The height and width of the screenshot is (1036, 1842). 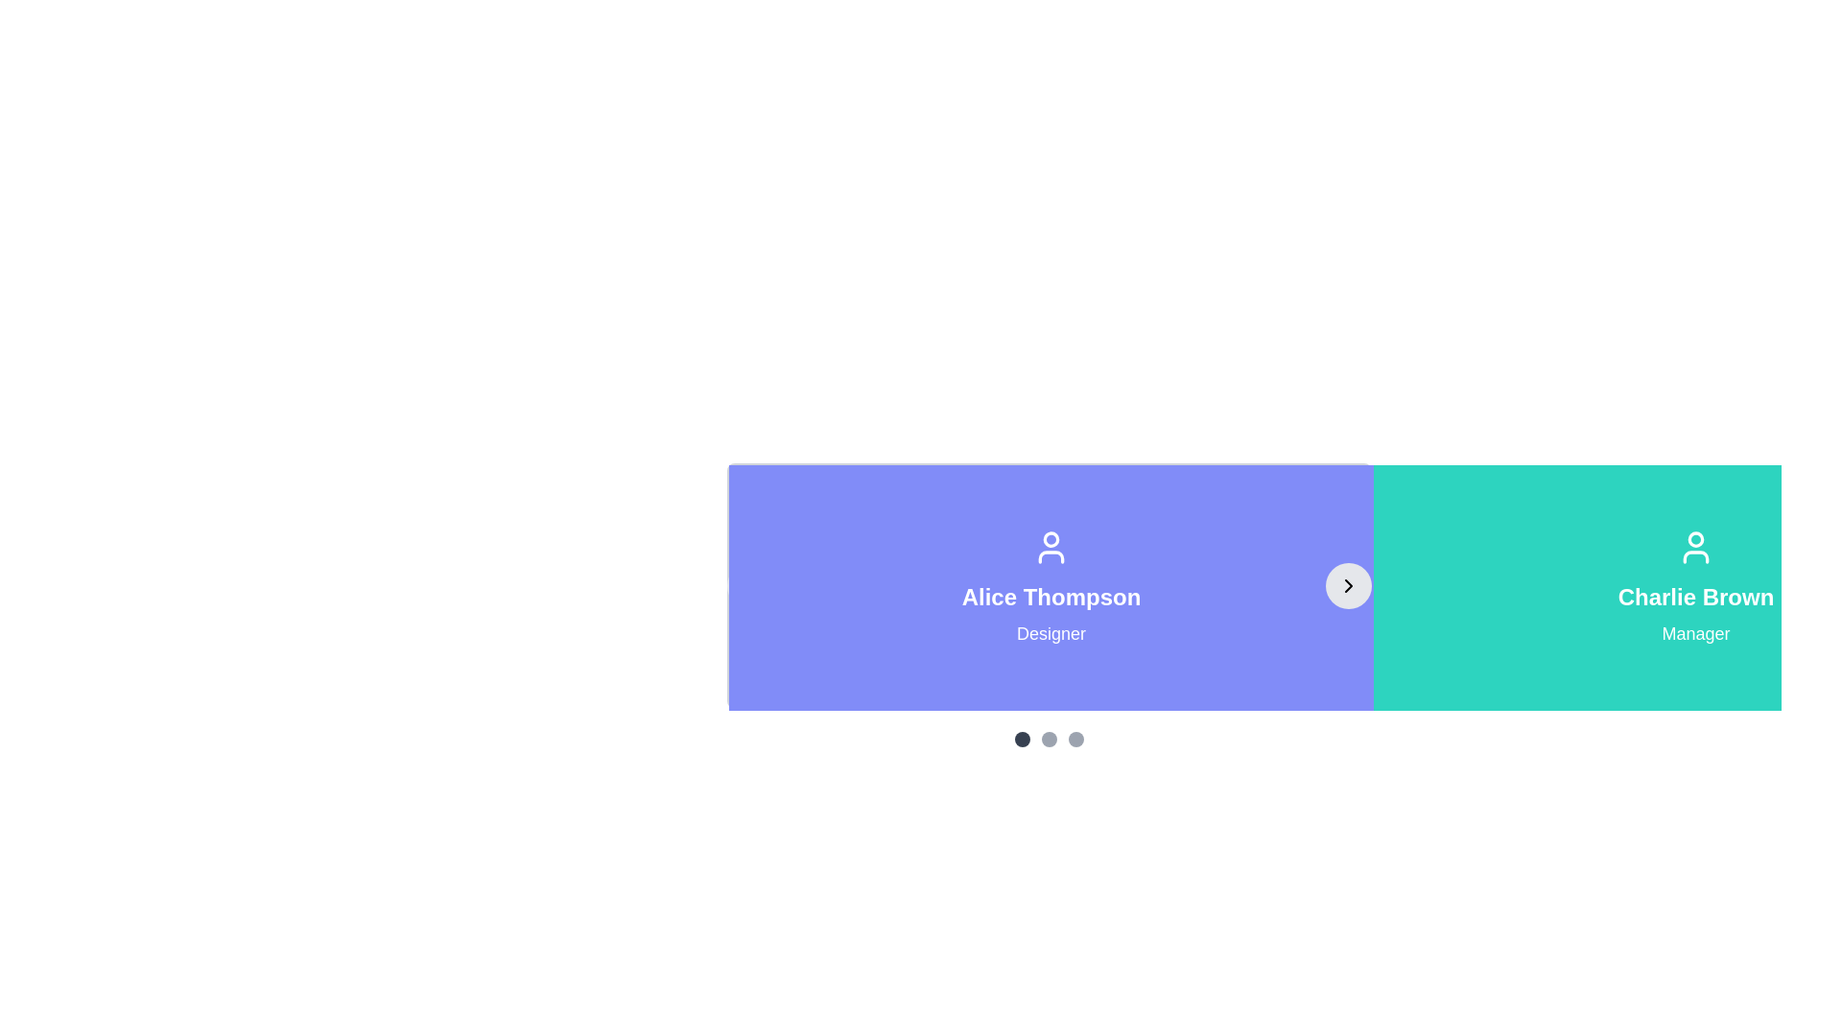 I want to click on the third circular dot of the pagination indicator located near the bottom center of the interface, so click(x=1049, y=739).